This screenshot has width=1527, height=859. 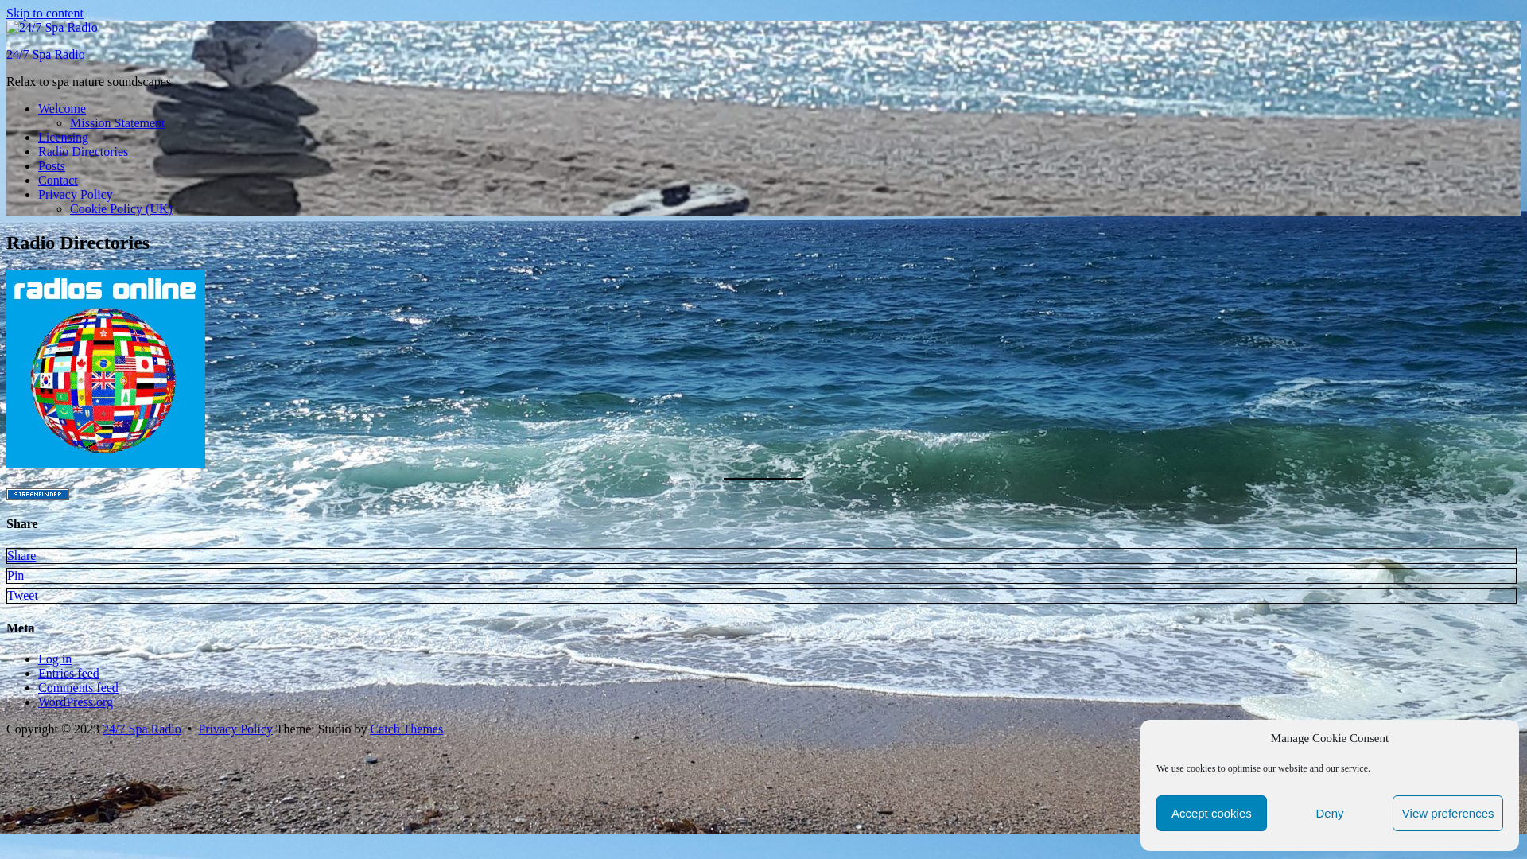 I want to click on 'View preferences', so click(x=1392, y=813).